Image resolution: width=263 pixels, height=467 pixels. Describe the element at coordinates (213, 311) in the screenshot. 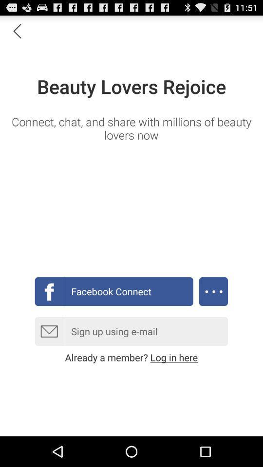

I see `the more icon` at that location.